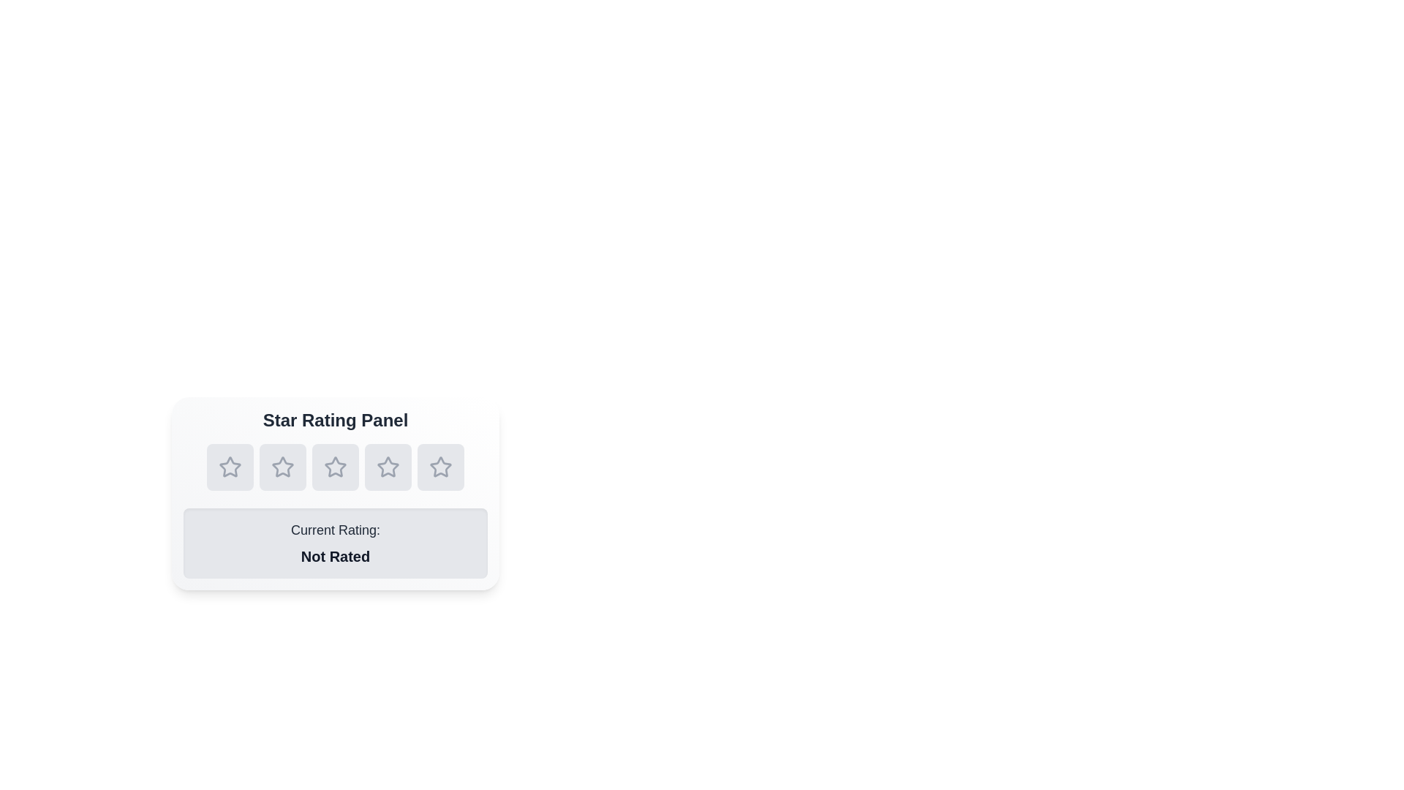  What do you see at coordinates (230, 467) in the screenshot?
I see `the first star rating button in the star rating panel` at bounding box center [230, 467].